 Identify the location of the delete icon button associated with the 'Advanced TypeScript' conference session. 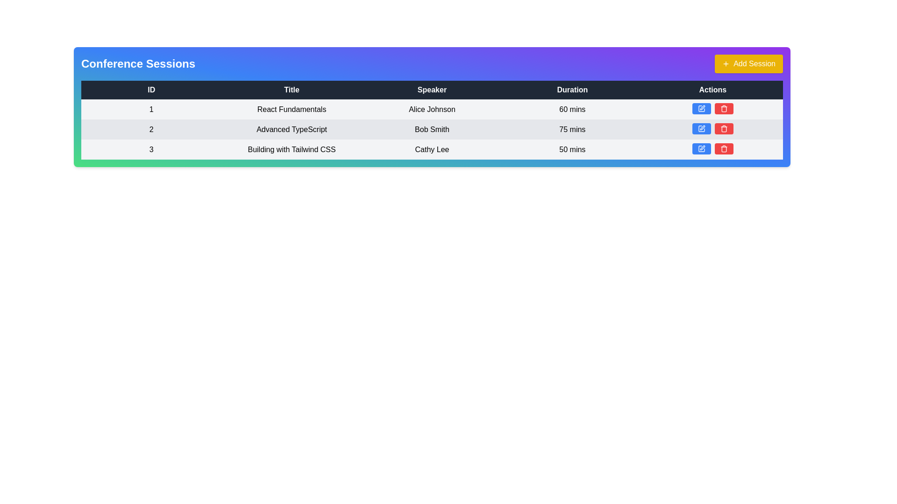
(723, 129).